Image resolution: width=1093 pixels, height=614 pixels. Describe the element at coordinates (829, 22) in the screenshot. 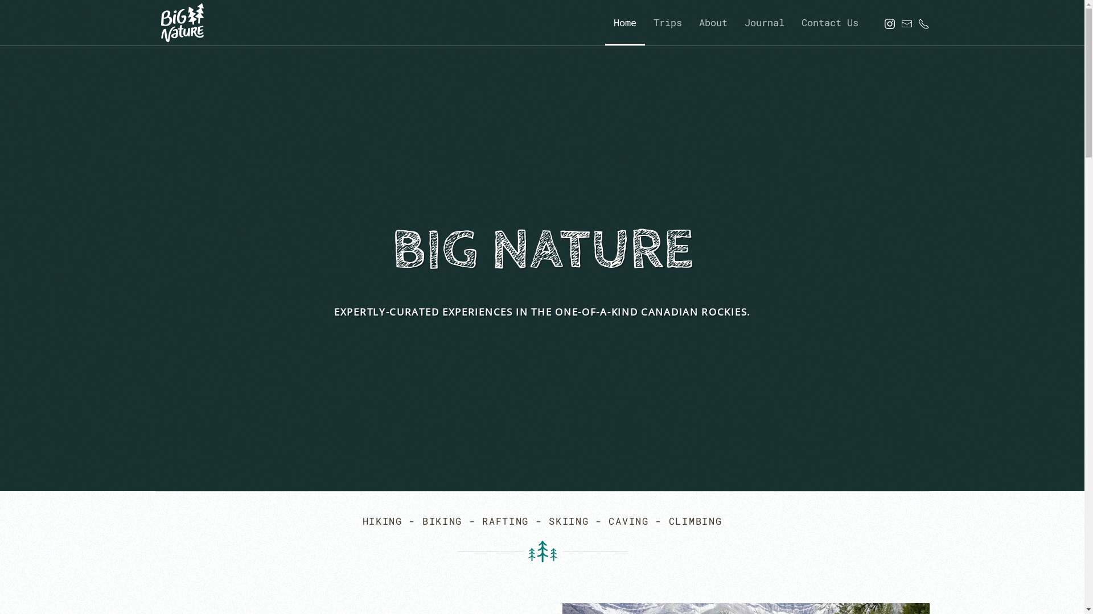

I see `'Contact Us'` at that location.